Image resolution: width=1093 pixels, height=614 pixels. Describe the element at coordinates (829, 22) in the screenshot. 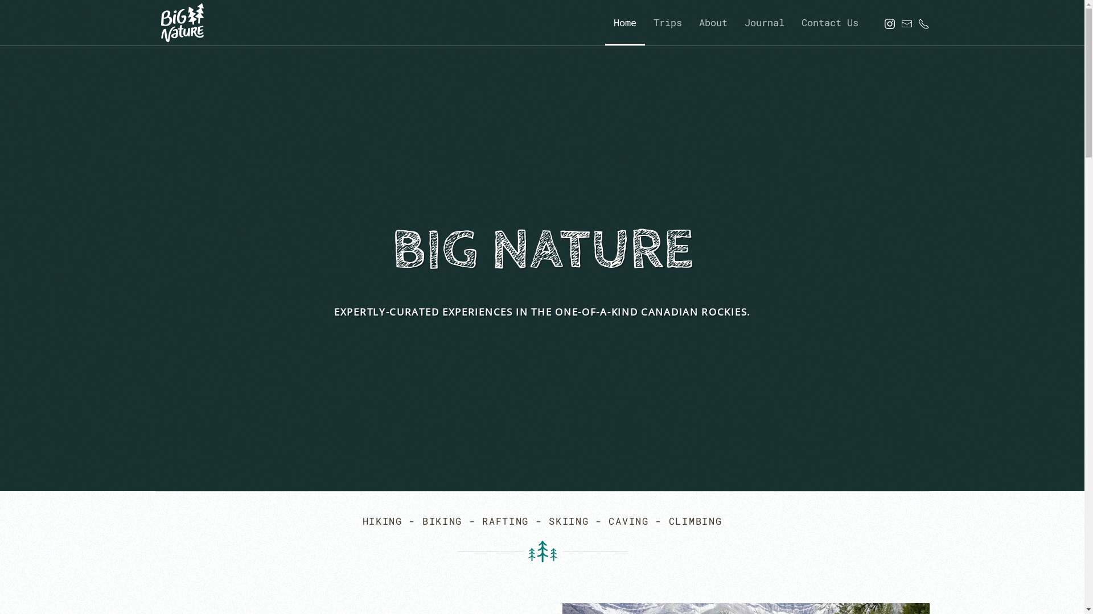

I see `'Contact Us'` at that location.